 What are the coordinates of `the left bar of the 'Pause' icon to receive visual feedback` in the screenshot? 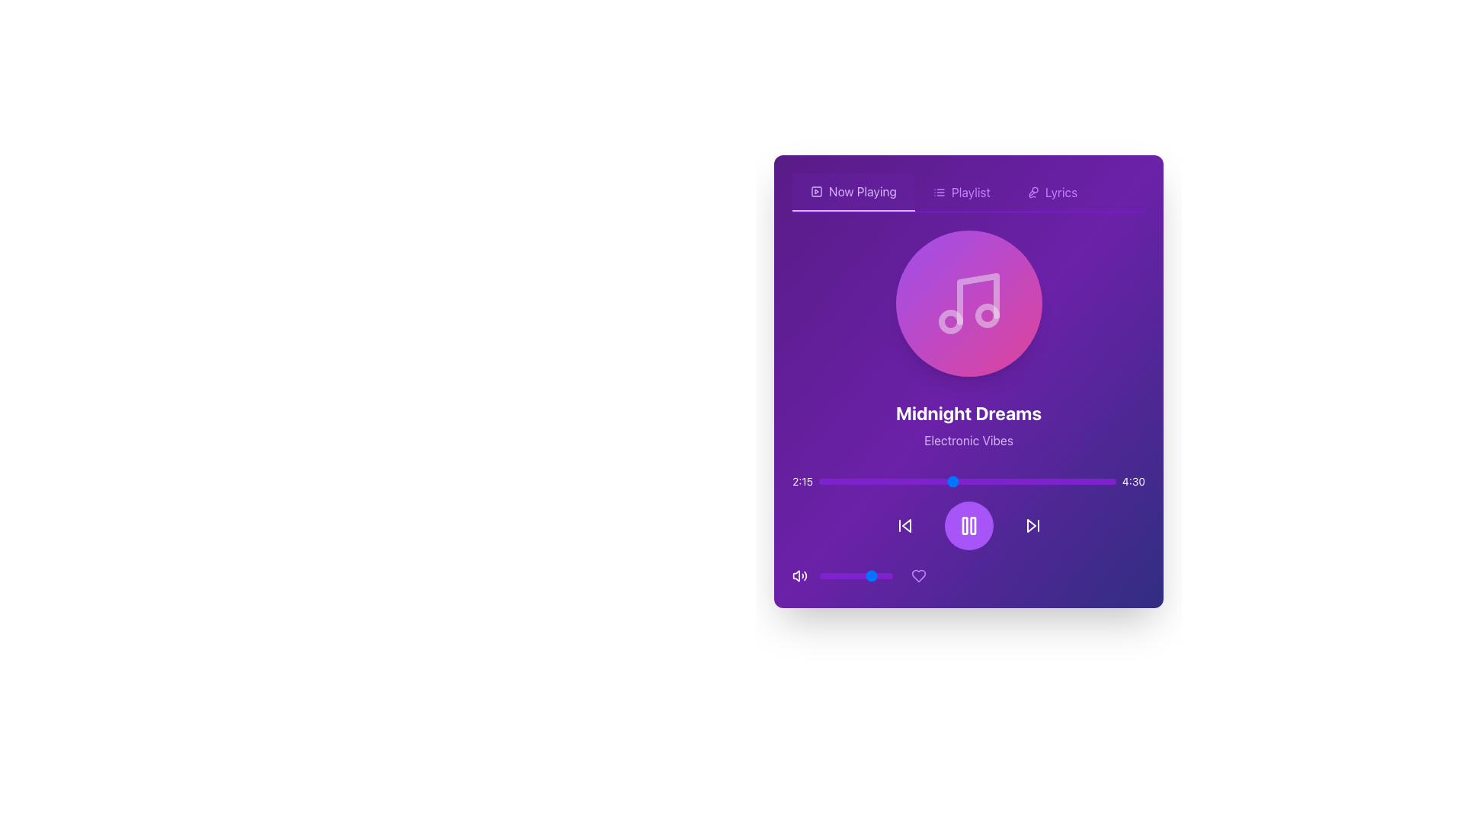 It's located at (964, 524).